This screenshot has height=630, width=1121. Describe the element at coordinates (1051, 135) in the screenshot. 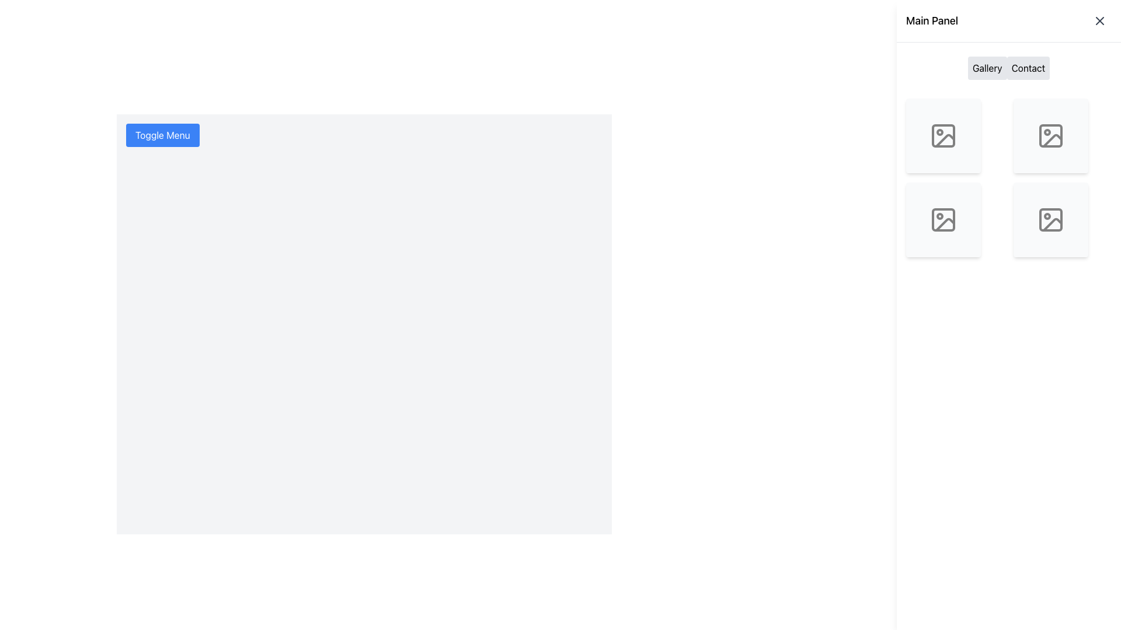

I see `the Image placeholder card, which is the second item` at that location.